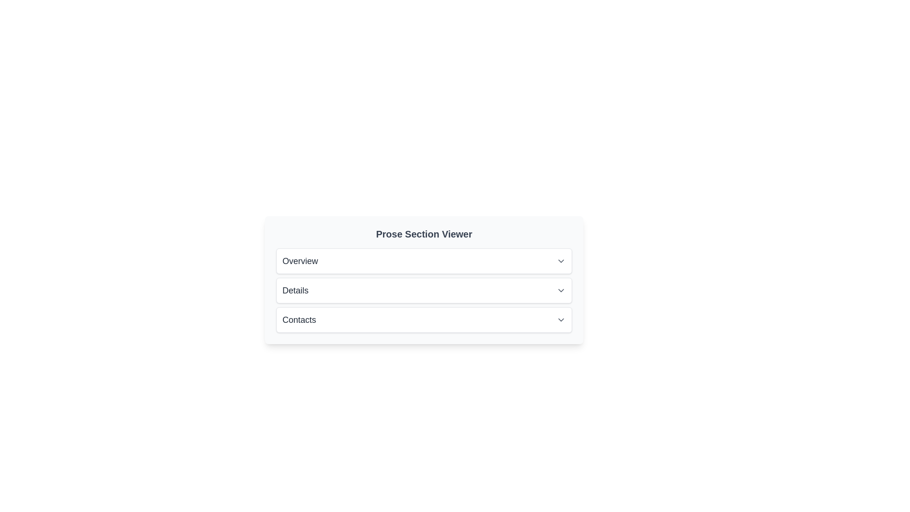 Image resolution: width=910 pixels, height=512 pixels. Describe the element at coordinates (561, 290) in the screenshot. I see `the downward-facing gray chevron icon at the right end of the 'Details' list item` at that location.